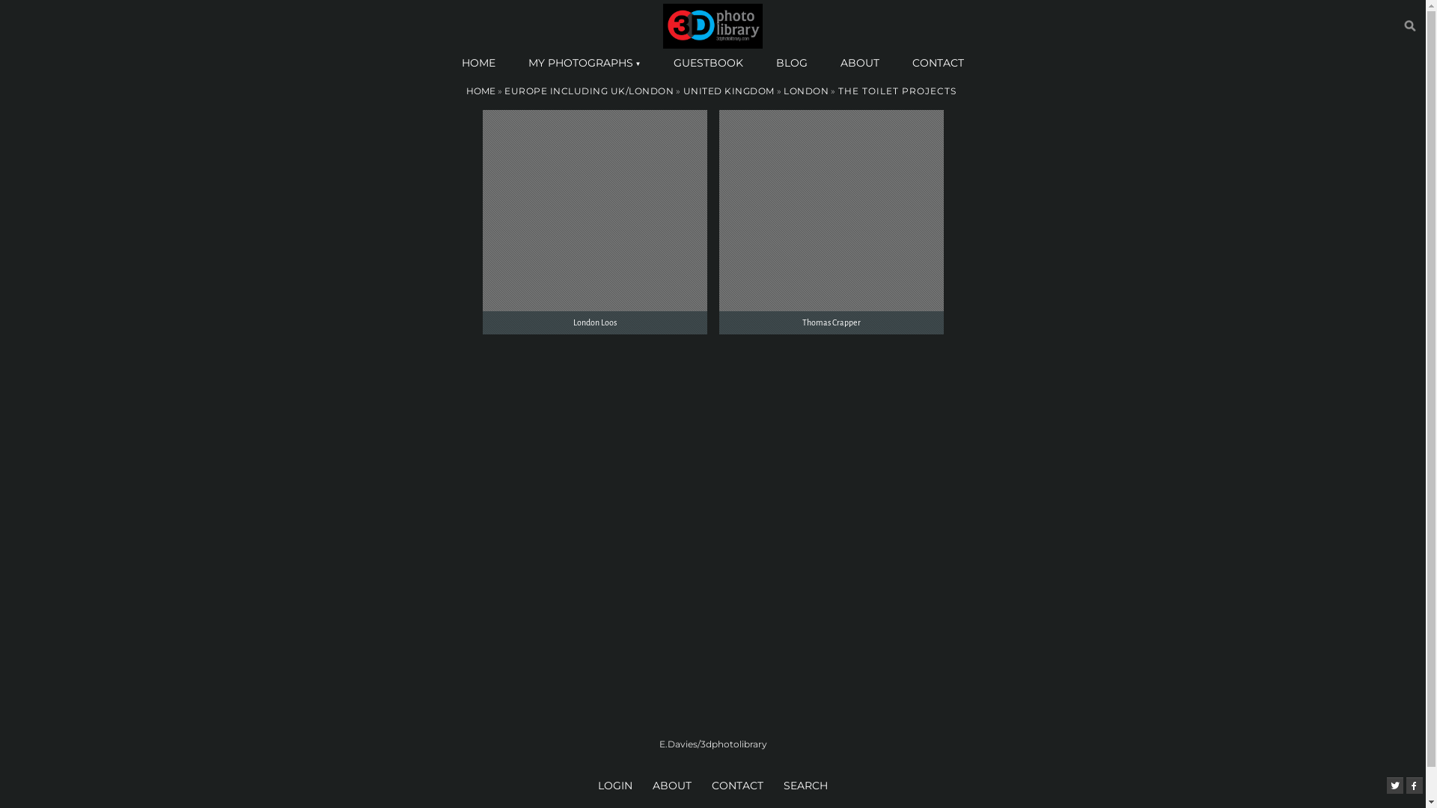 This screenshot has height=808, width=1437. What do you see at coordinates (480, 91) in the screenshot?
I see `'HOME'` at bounding box center [480, 91].